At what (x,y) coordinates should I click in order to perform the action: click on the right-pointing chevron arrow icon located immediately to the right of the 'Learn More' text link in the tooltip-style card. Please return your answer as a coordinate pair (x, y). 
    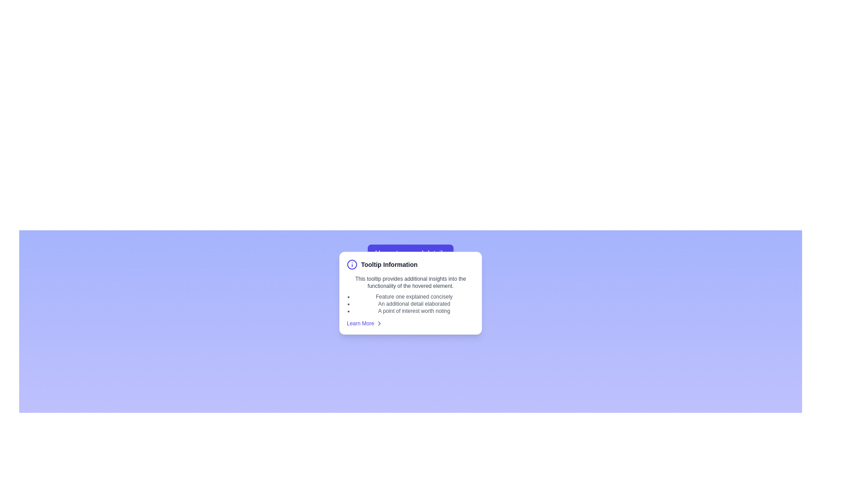
    Looking at the image, I should click on (379, 324).